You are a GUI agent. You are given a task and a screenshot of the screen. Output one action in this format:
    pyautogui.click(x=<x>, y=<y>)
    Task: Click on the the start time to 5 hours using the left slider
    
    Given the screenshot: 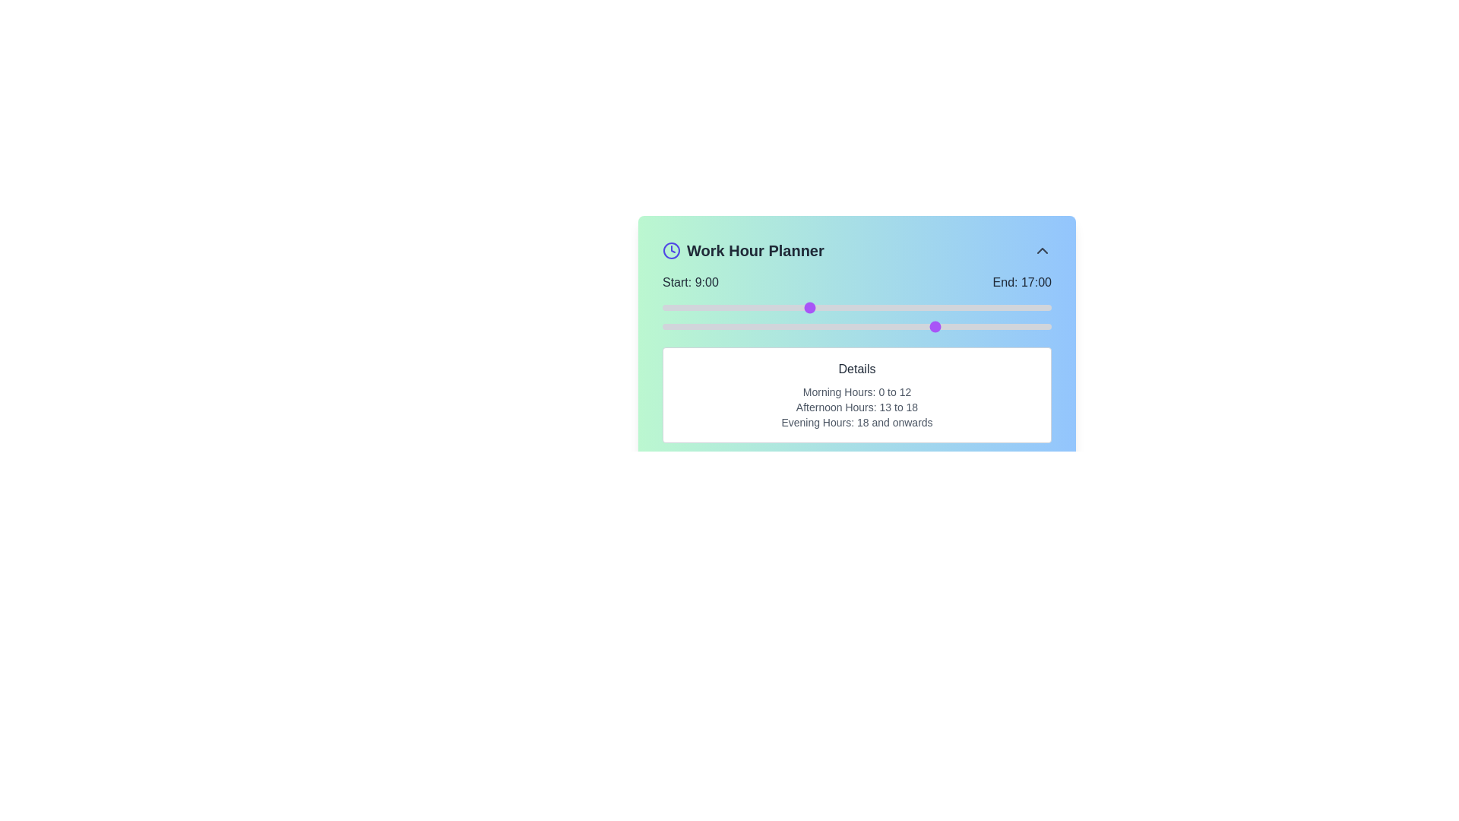 What is the action you would take?
    pyautogui.click(x=743, y=308)
    